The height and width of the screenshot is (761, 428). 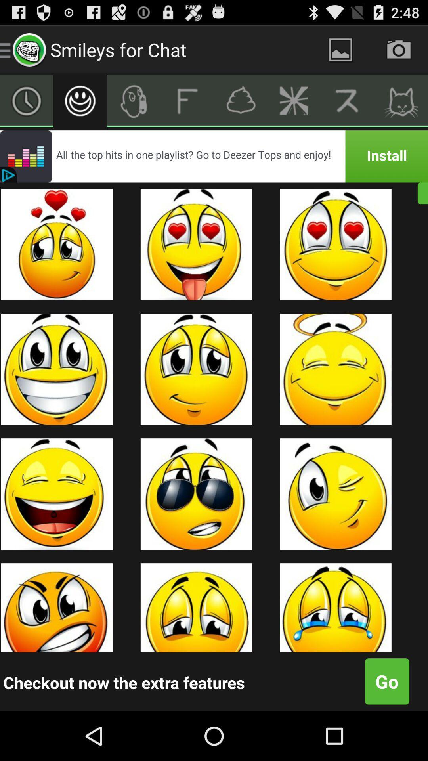 I want to click on click animal head button, so click(x=401, y=100).